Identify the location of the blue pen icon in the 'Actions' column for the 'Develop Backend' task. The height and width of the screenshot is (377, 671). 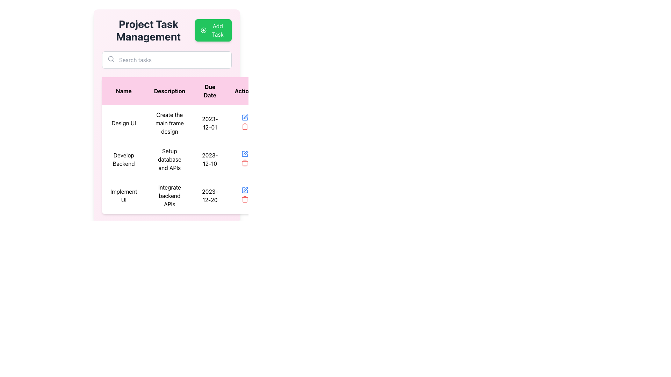
(245, 190).